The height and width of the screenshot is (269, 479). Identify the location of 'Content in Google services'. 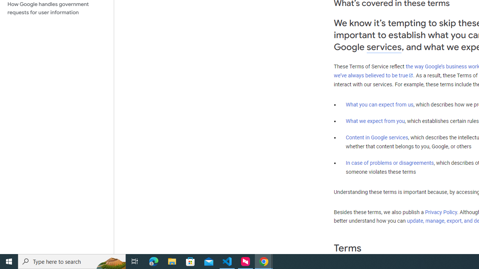
(377, 137).